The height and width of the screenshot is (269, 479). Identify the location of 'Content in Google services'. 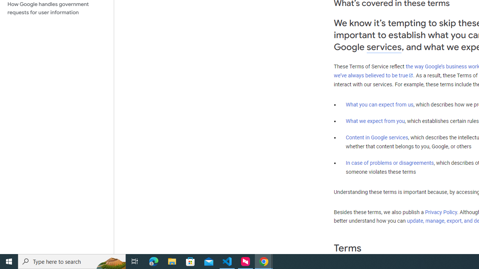
(377, 137).